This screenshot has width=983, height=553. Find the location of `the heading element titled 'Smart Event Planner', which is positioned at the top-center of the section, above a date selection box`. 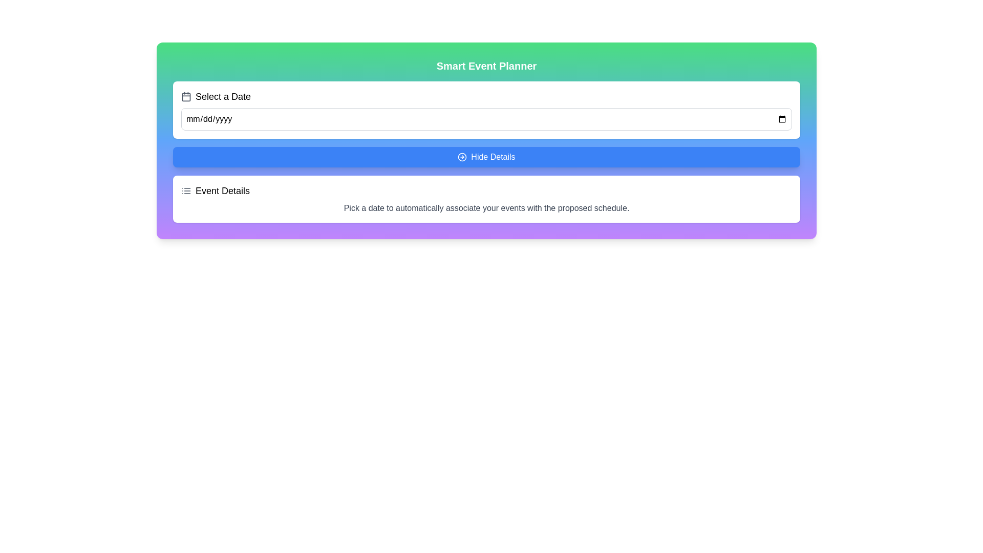

the heading element titled 'Smart Event Planner', which is positioned at the top-center of the section, above a date selection box is located at coordinates (486, 66).